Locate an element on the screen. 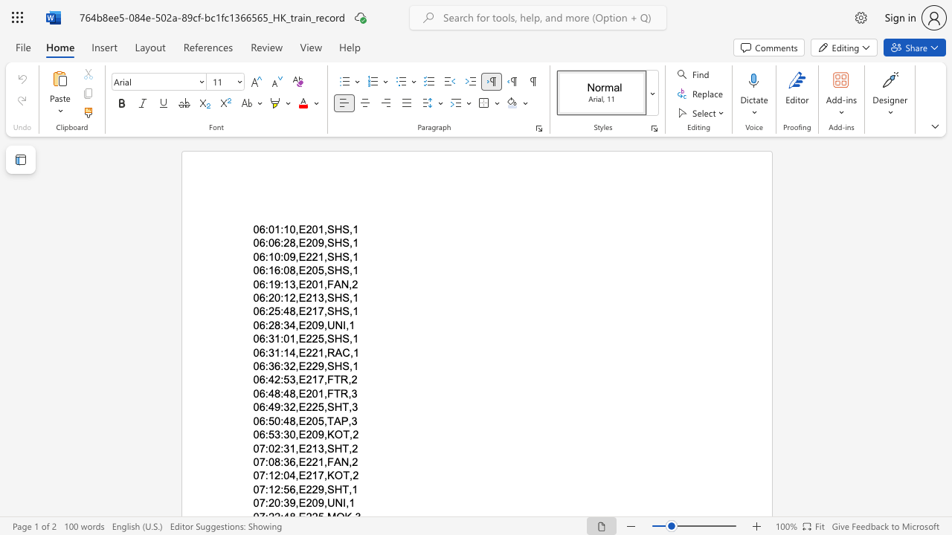  the subset text "6:28:34,E2" within the text "06:28:34,E209,UNI,1" is located at coordinates (259, 324).